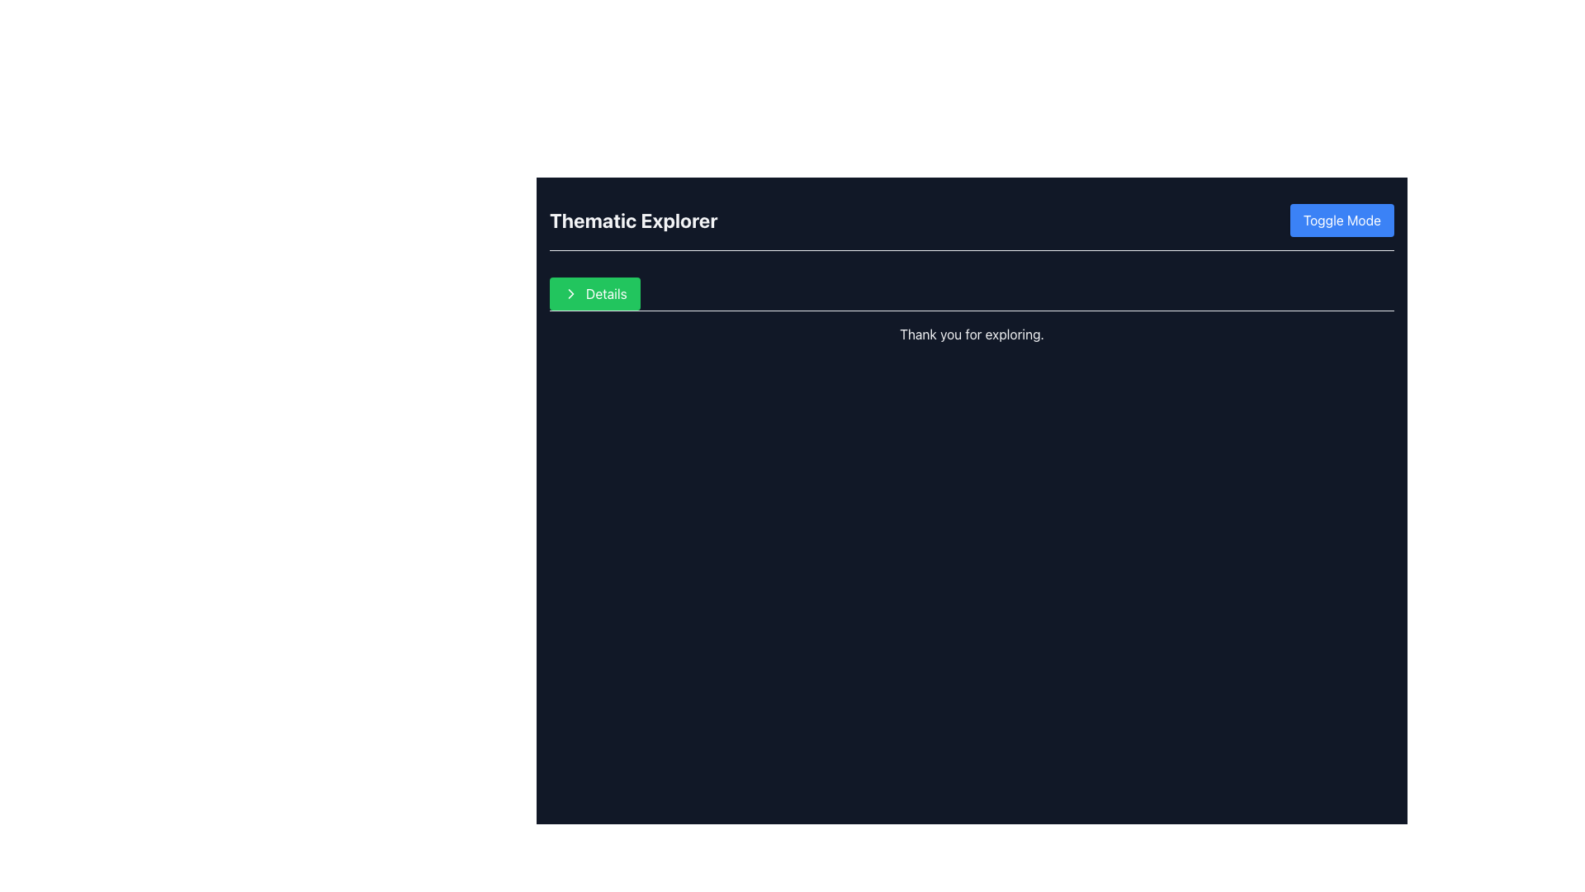  Describe the element at coordinates (594, 292) in the screenshot. I see `the button located in the header area of the page, aligned to the left below the section title 'Thematic Explorer'` at that location.